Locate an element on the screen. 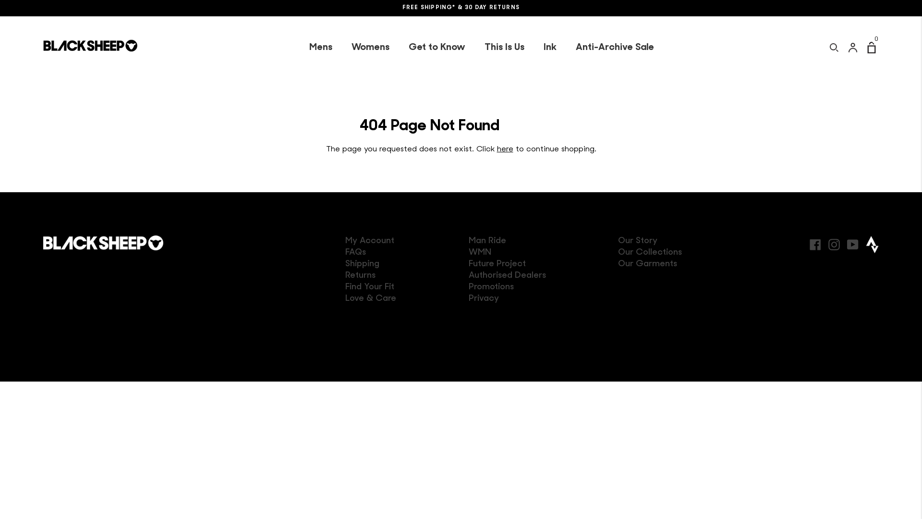 The height and width of the screenshot is (519, 922). 'Womens' is located at coordinates (341, 48).